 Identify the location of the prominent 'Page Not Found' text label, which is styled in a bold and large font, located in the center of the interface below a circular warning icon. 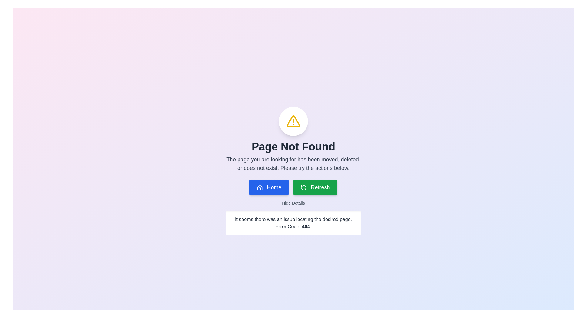
(293, 147).